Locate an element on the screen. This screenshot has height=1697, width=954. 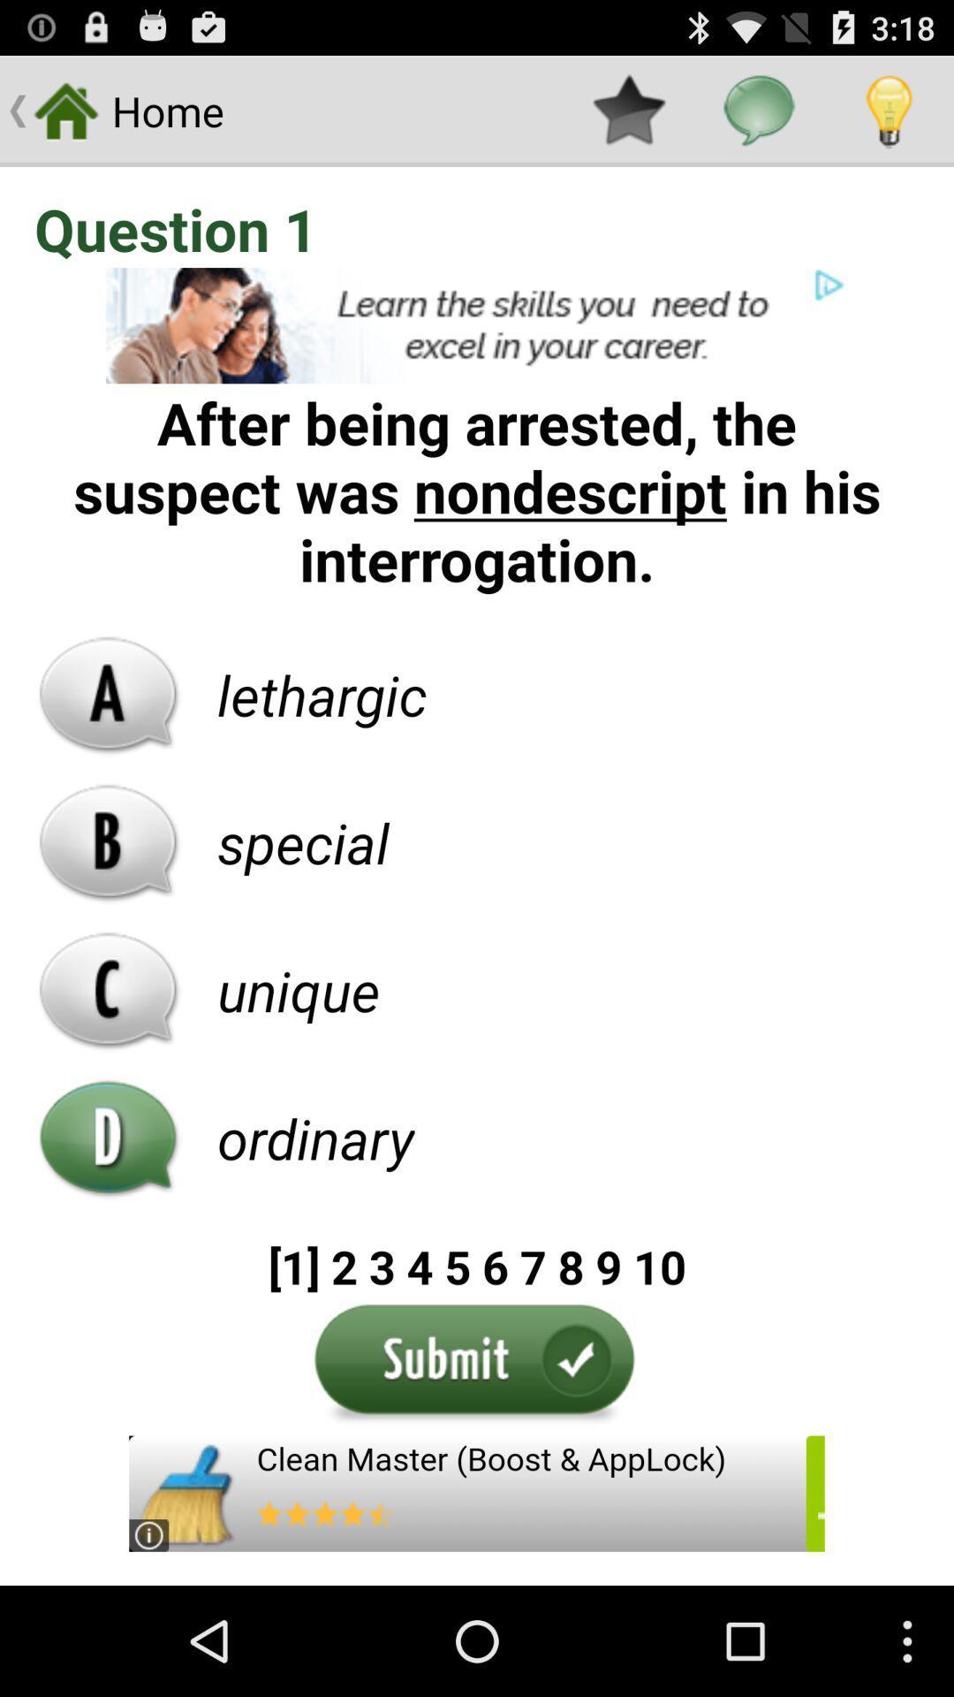
the icon beside ordinary is located at coordinates (109, 1138).